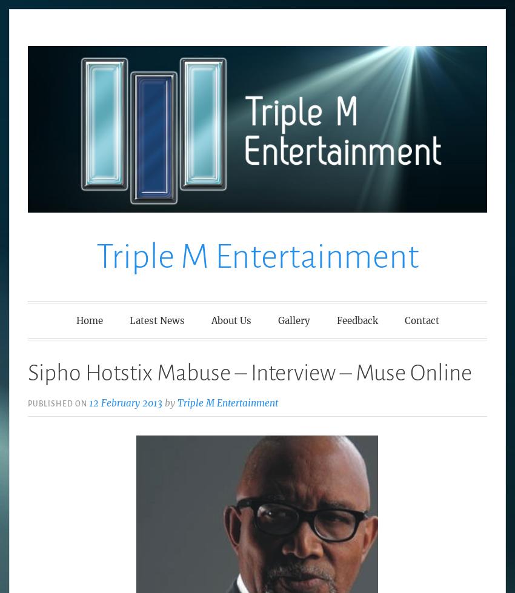  What do you see at coordinates (27, 372) in the screenshot?
I see `'Sipho Hotstix Mabuse – Interview – Muse Online'` at bounding box center [27, 372].